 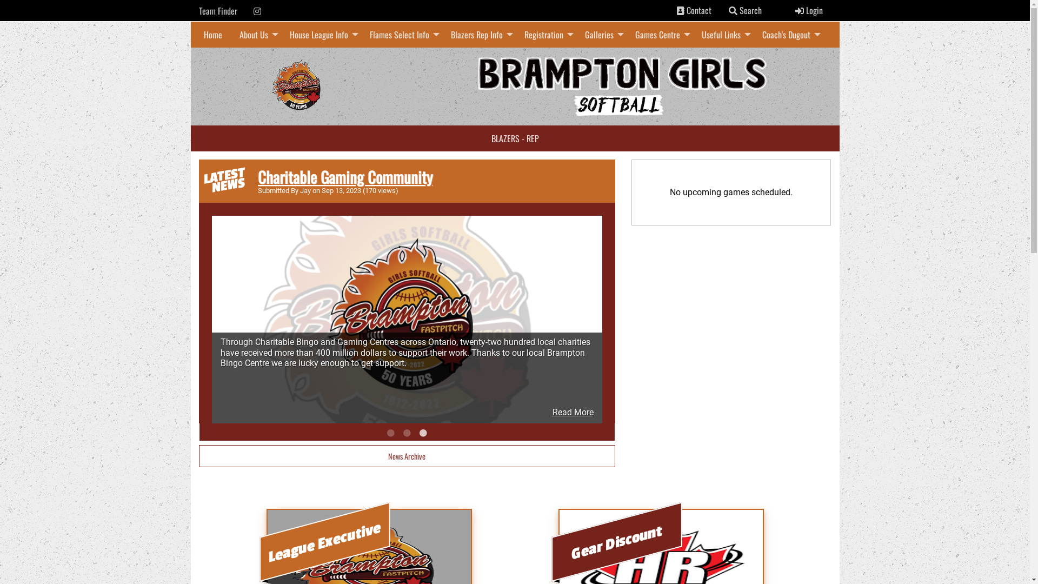 What do you see at coordinates (217, 10) in the screenshot?
I see `'Team Finder'` at bounding box center [217, 10].